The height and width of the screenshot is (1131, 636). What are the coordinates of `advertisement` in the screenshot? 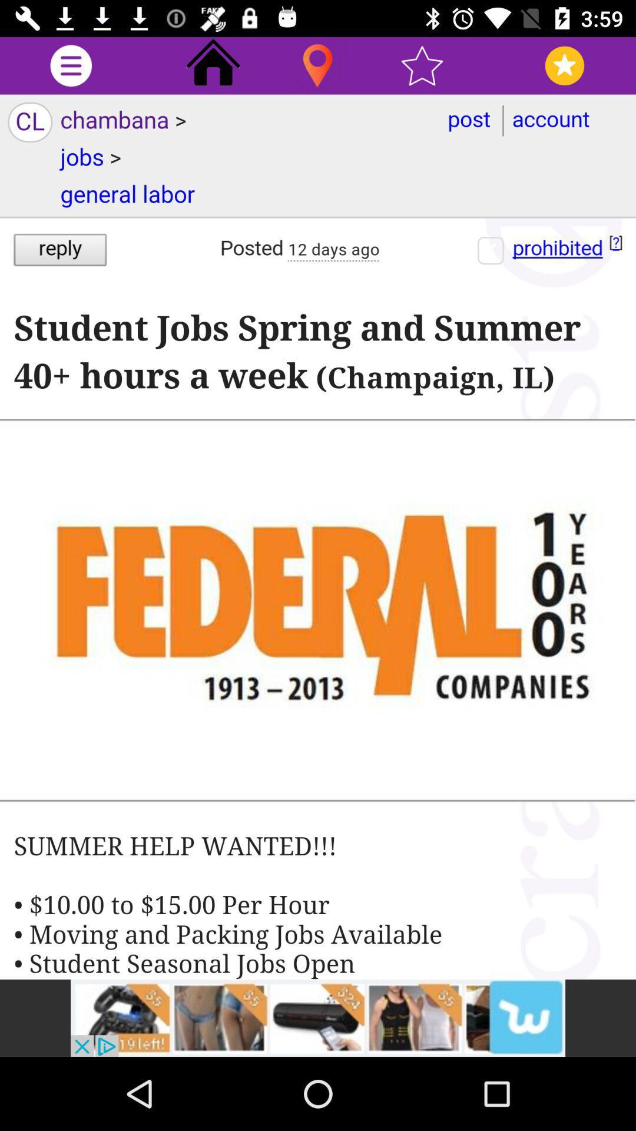 It's located at (318, 1017).